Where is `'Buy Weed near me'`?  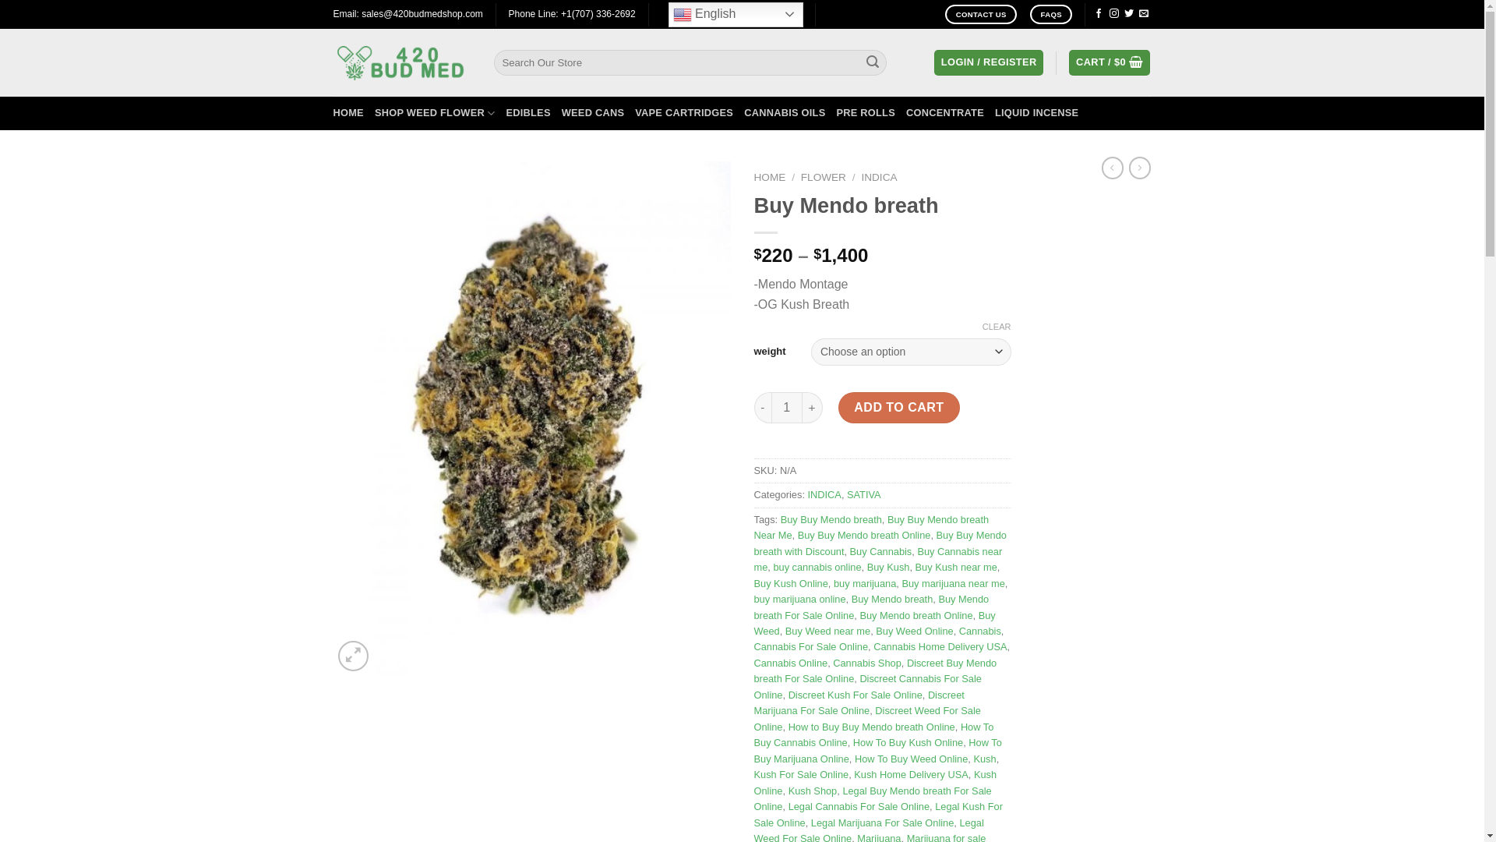 'Buy Weed near me' is located at coordinates (827, 630).